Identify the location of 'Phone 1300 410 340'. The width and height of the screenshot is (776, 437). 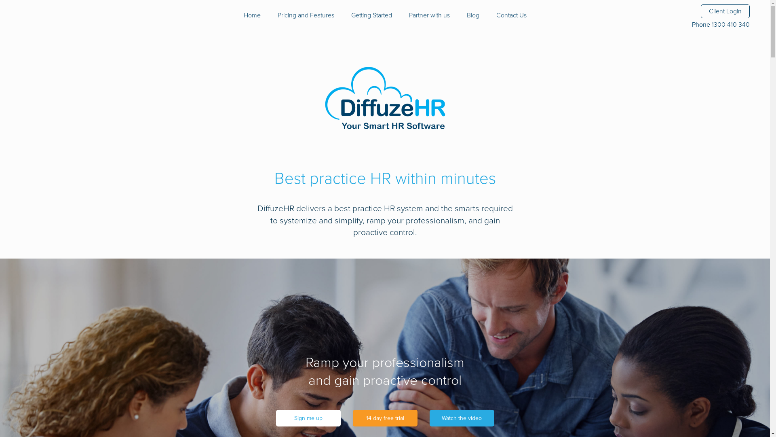
(692, 24).